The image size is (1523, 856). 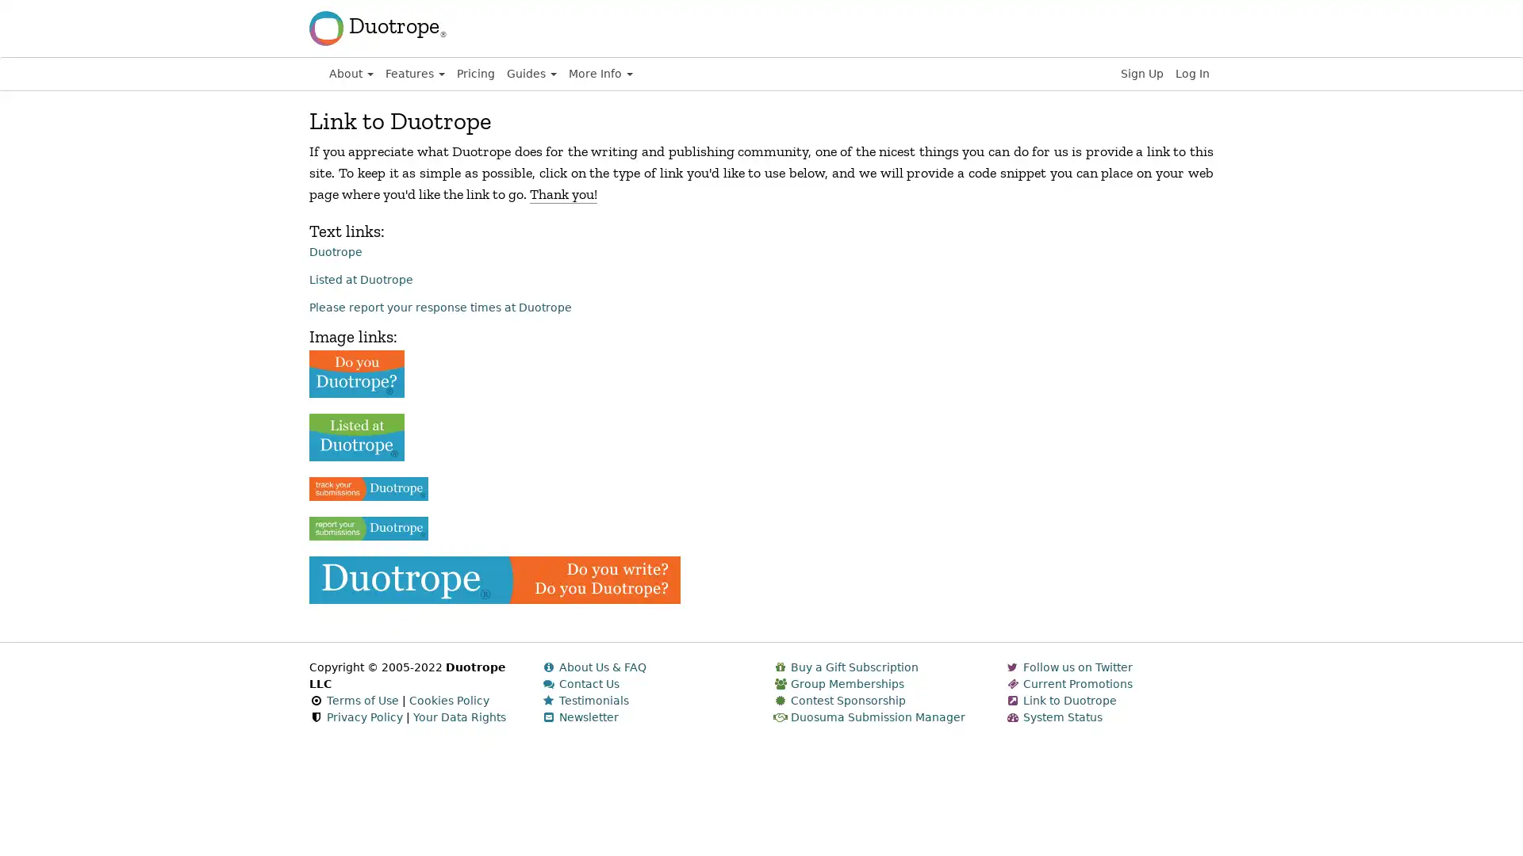 What do you see at coordinates (368, 487) in the screenshot?
I see `Submit` at bounding box center [368, 487].